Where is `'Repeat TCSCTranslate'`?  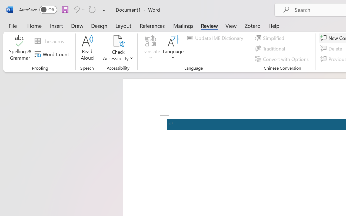
'Repeat TCSCTranslate' is located at coordinates (92, 9).